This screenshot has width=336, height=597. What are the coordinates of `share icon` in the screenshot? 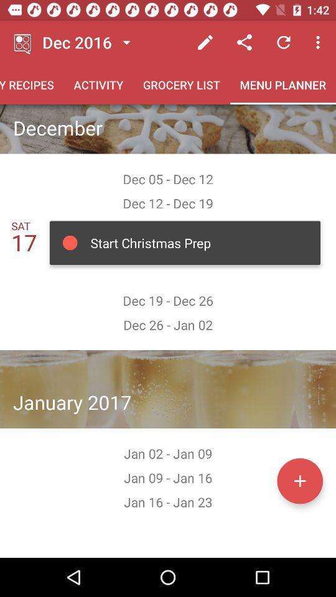 It's located at (245, 42).